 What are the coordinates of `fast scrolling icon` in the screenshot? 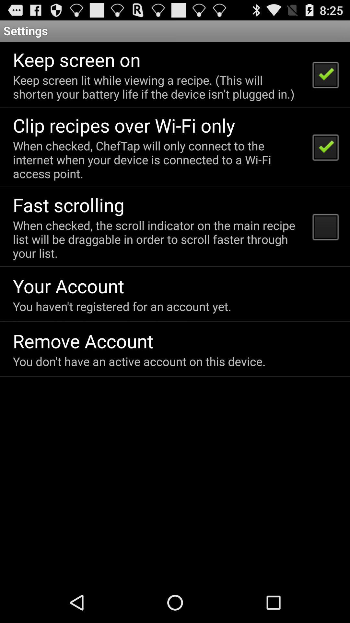 It's located at (68, 204).